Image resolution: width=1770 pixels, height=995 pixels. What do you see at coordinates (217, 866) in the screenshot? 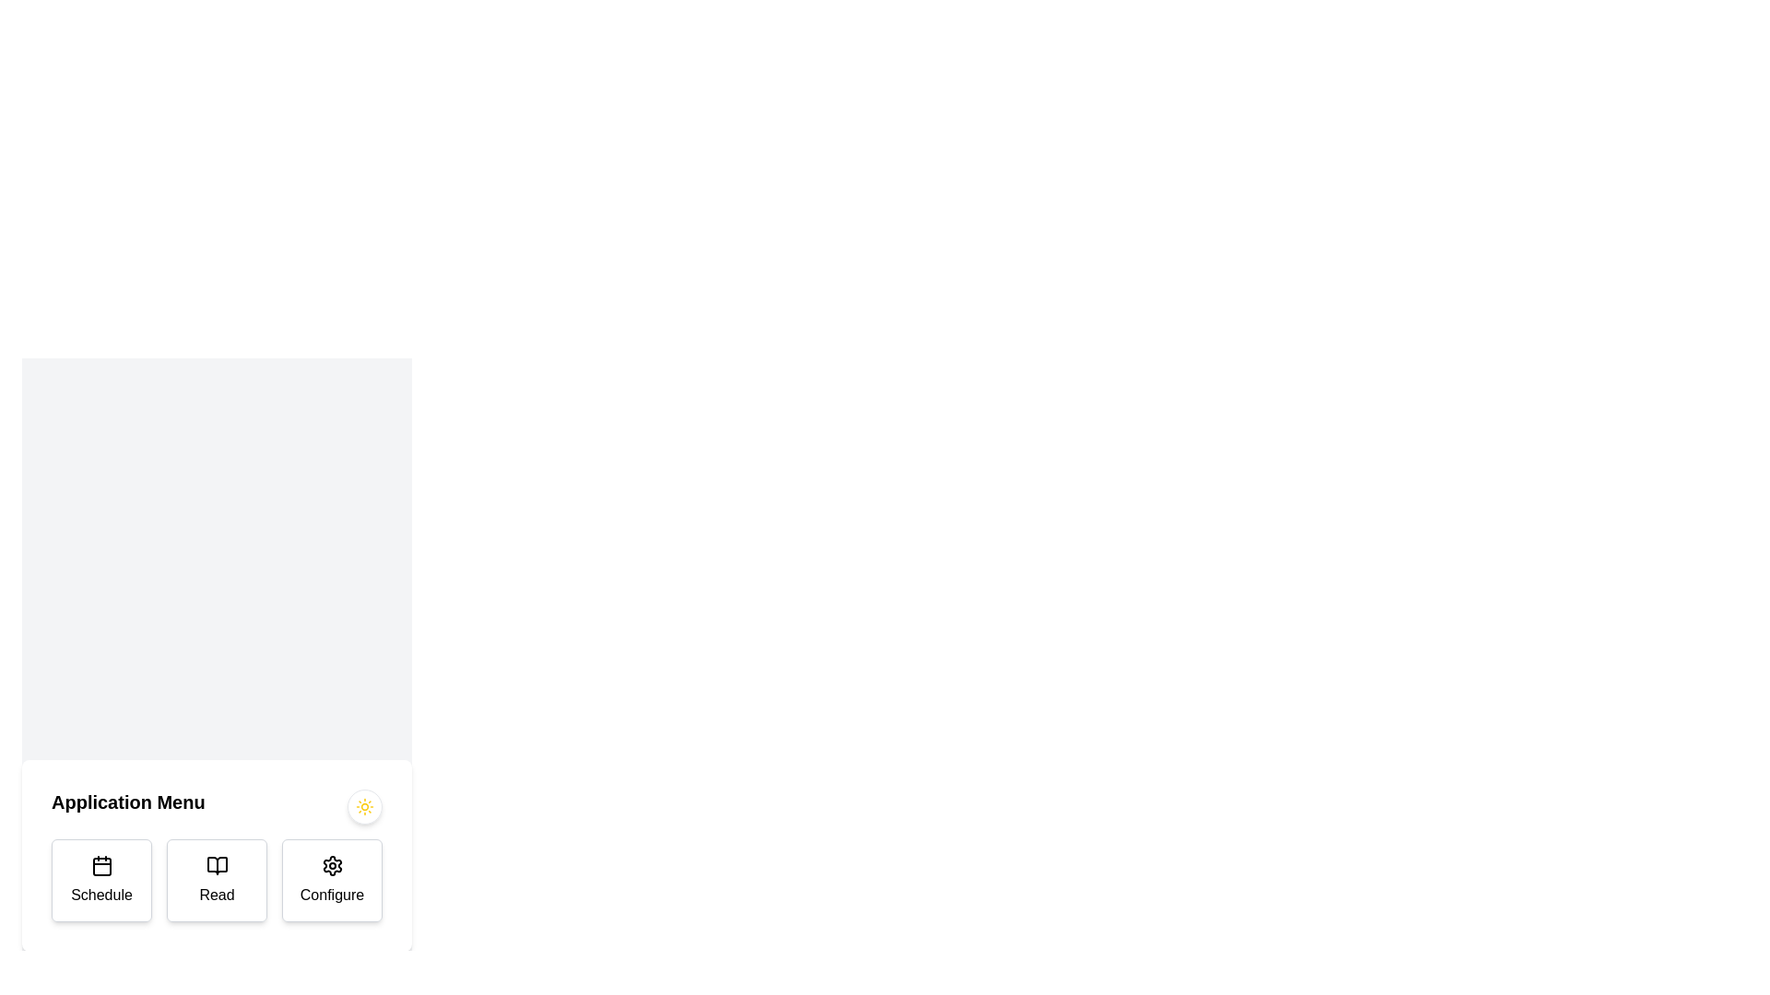
I see `the 'Read' button that contains the SVG icon of an open book, located in the bottom section of the interface, specifically the second button from the left in a row of three buttons` at bounding box center [217, 866].